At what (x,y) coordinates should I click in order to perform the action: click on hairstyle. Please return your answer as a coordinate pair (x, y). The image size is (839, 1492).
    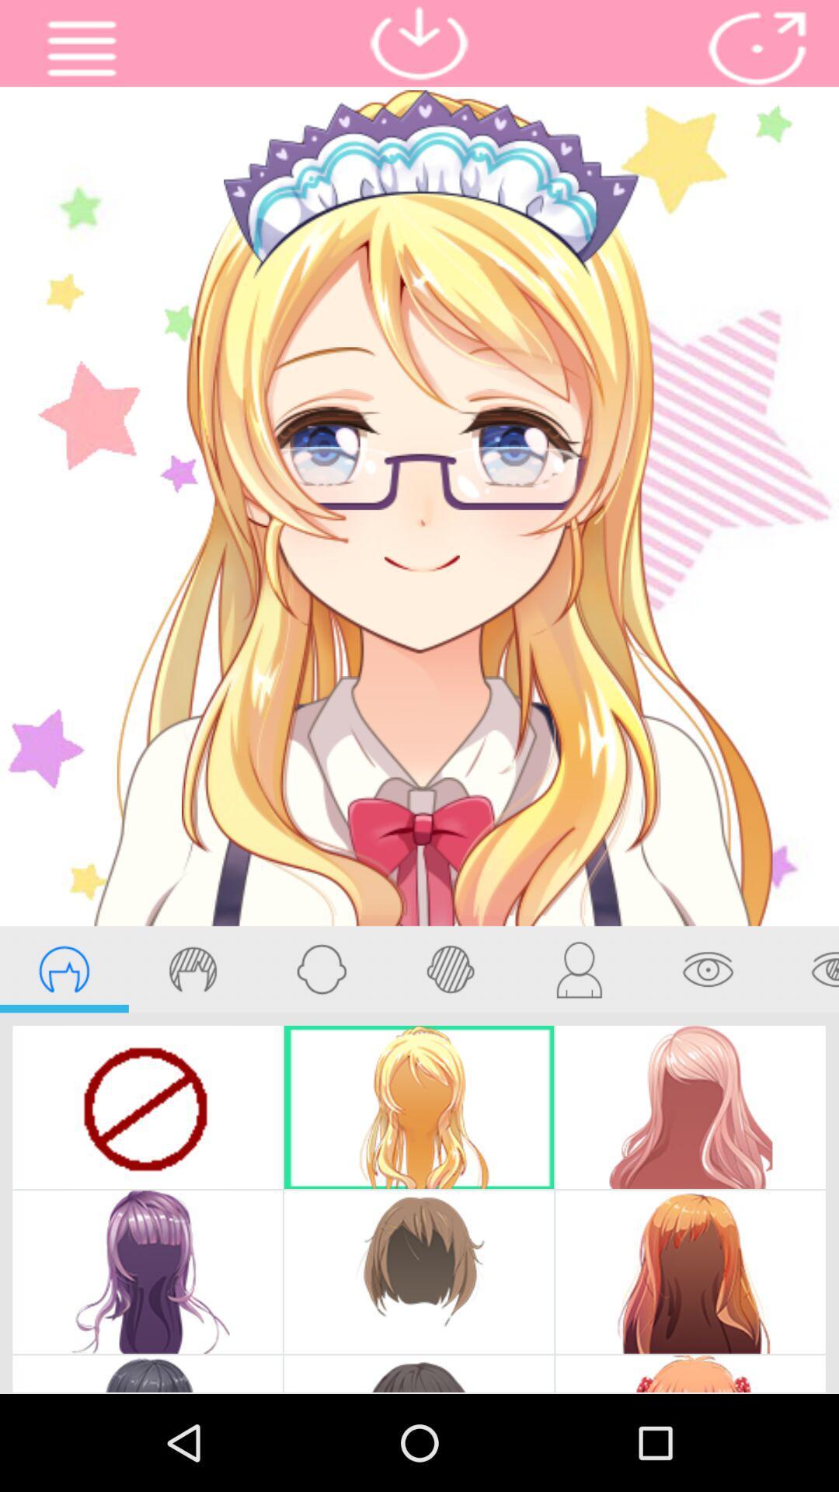
    Looking at the image, I should click on (63, 968).